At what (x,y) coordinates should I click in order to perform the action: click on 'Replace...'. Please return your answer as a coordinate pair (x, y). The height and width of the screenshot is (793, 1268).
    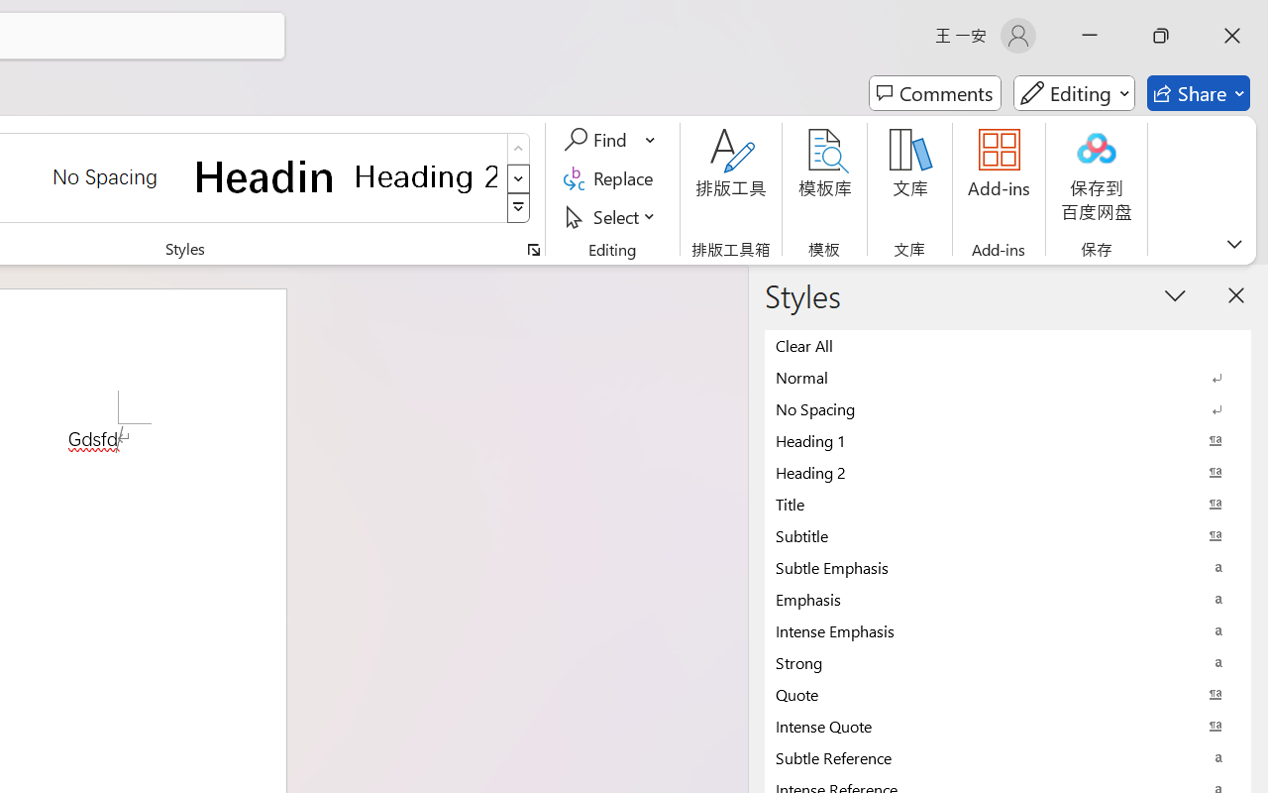
    Looking at the image, I should click on (610, 177).